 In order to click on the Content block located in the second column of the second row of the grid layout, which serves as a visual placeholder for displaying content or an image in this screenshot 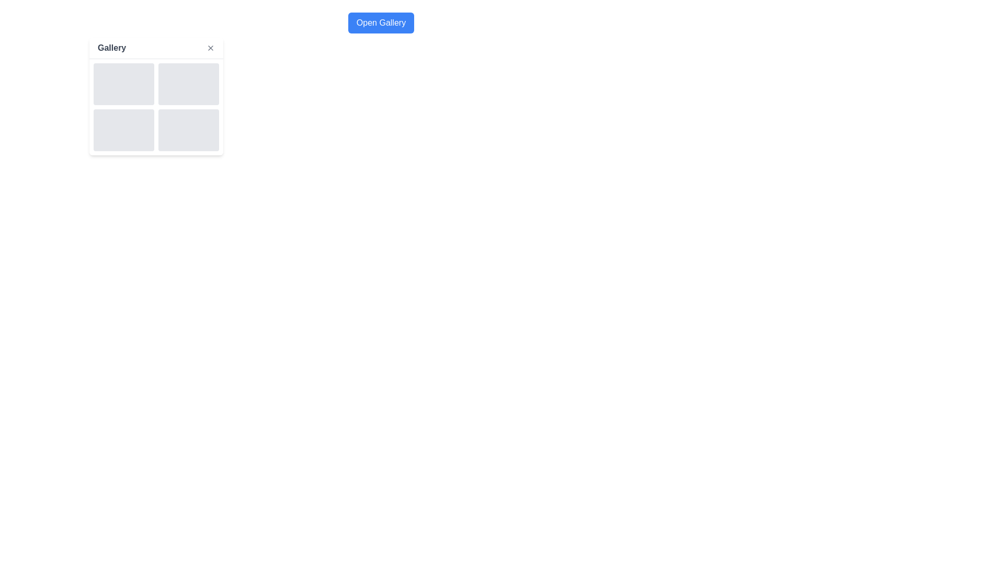, I will do `click(188, 130)`.